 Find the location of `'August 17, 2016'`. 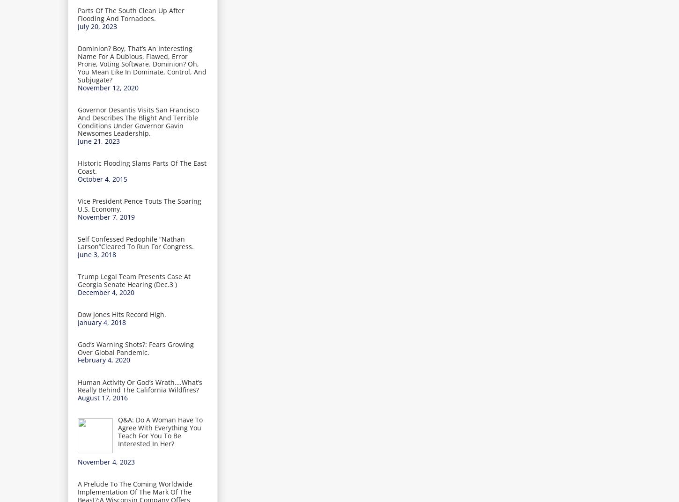

'August 17, 2016' is located at coordinates (102, 397).